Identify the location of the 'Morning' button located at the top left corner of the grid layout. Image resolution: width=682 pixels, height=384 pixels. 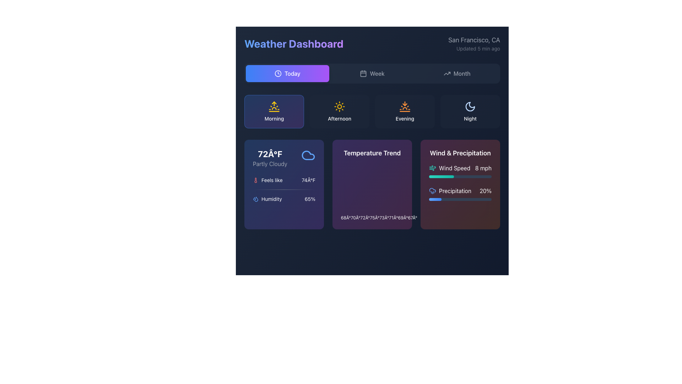
(274, 111).